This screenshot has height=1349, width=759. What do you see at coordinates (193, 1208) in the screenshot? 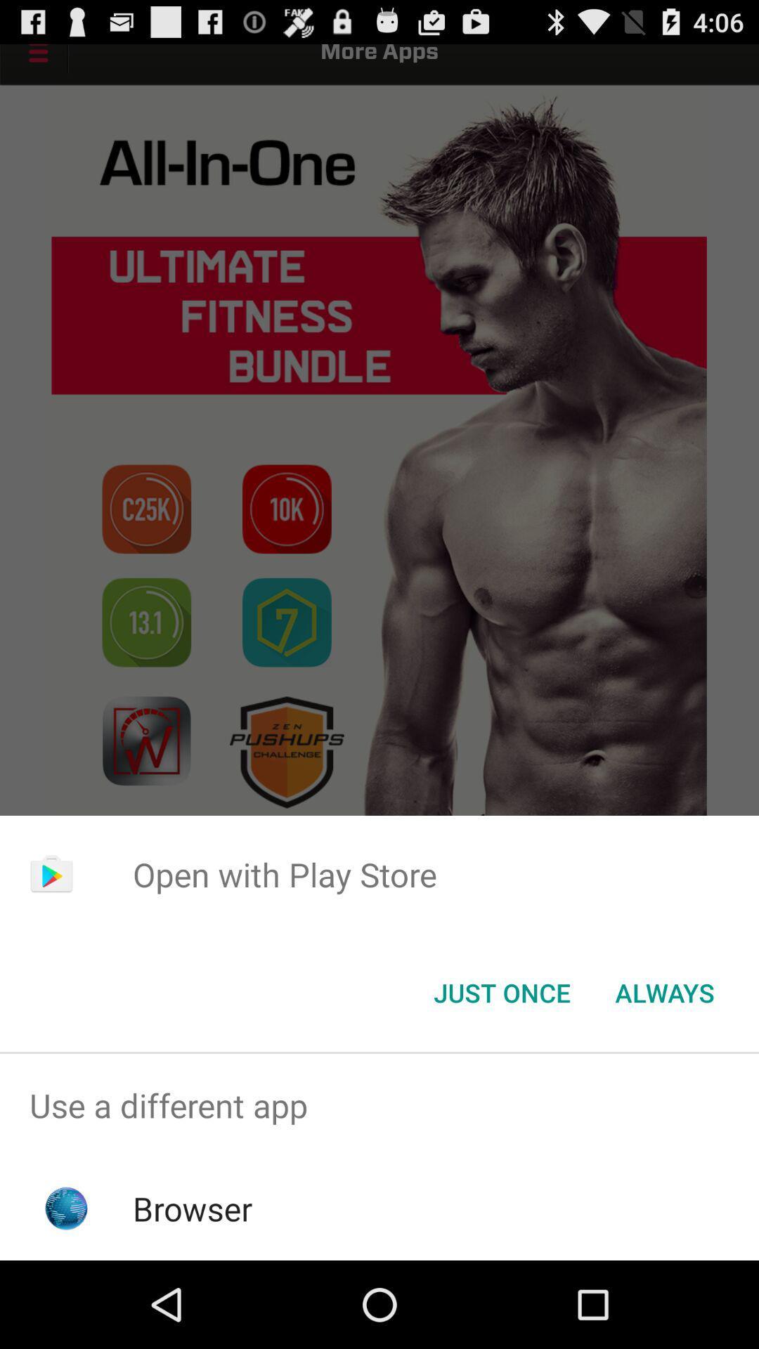
I see `icon below use a different item` at bounding box center [193, 1208].